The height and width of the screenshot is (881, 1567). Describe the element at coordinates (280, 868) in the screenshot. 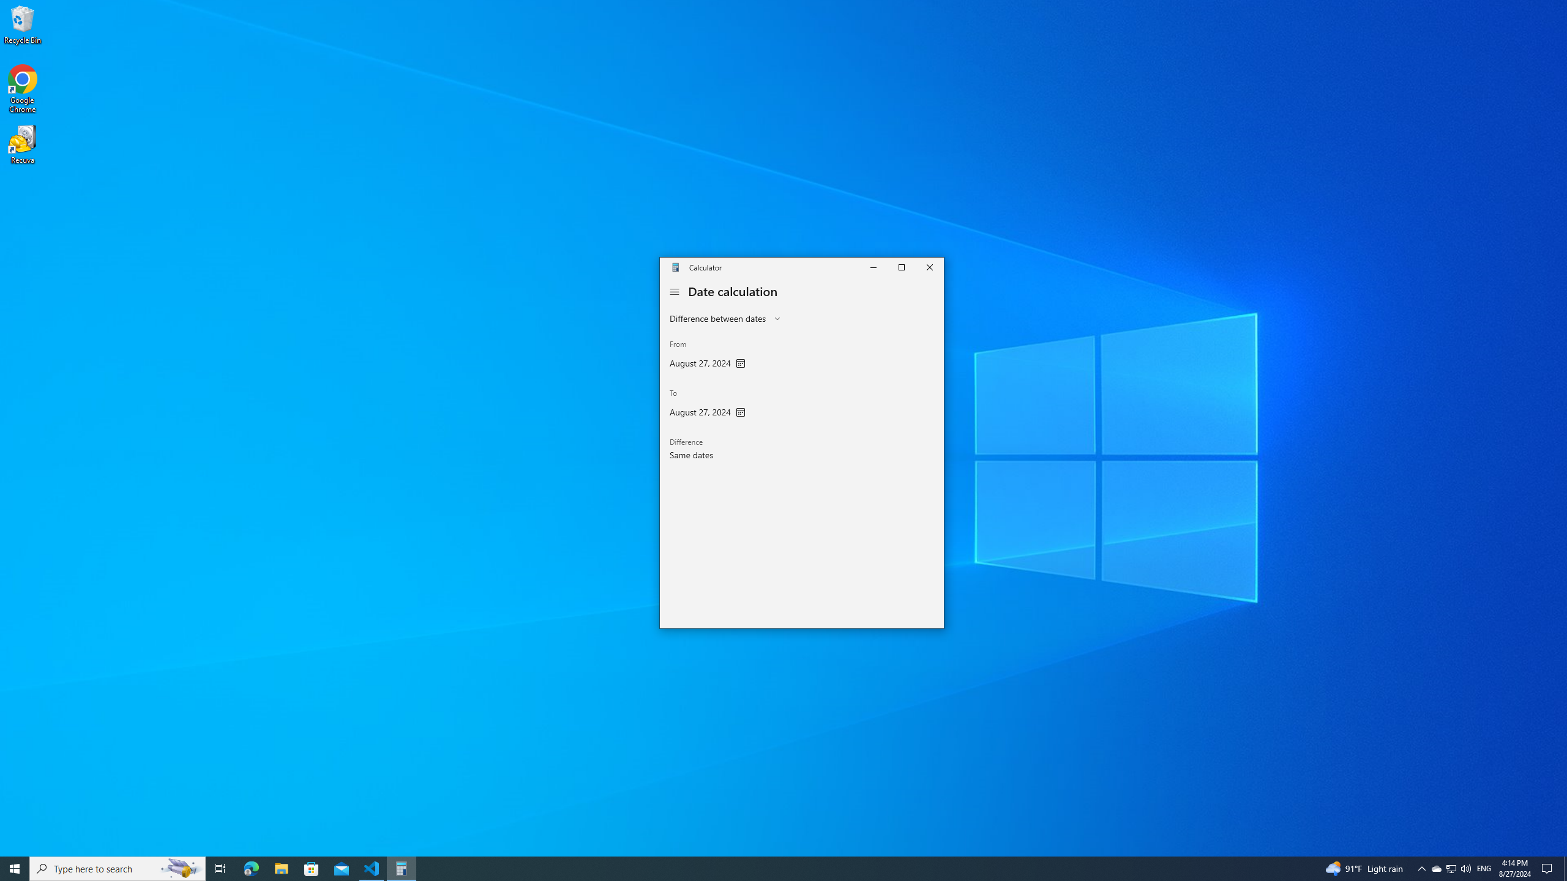

I see `'File Explorer'` at that location.